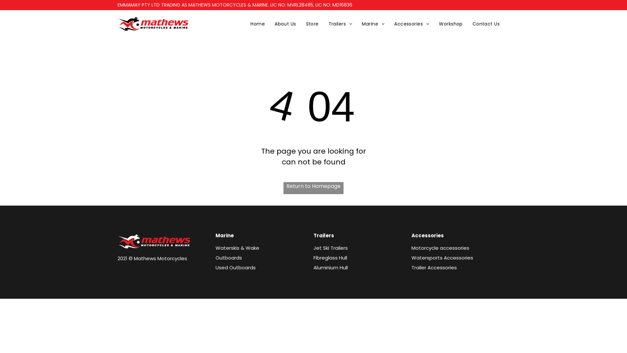 The height and width of the screenshot is (353, 627). I want to click on 'Waterskis & Wake', so click(237, 248).